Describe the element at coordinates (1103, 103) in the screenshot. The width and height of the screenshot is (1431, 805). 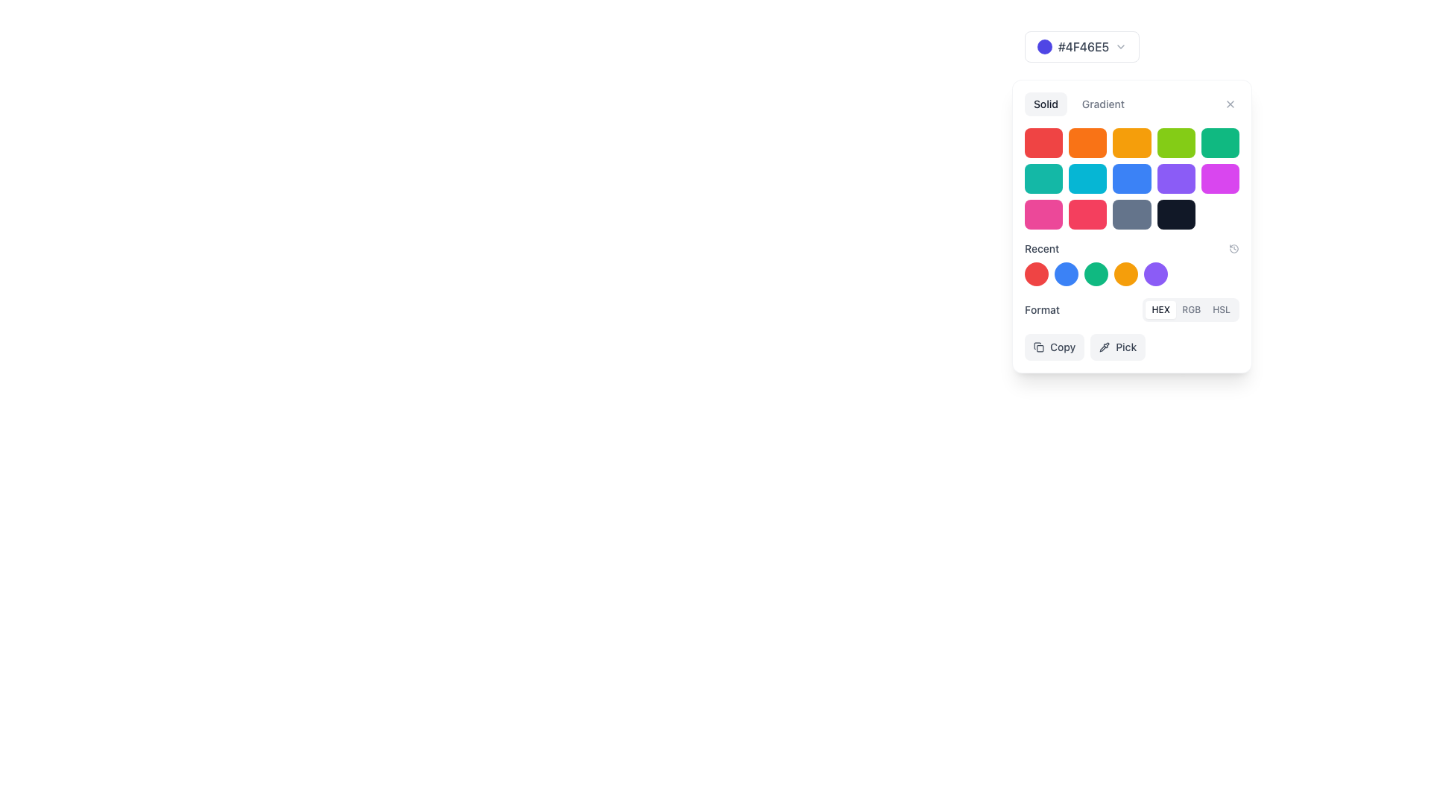
I see `the 'Gradient' button, which is a rounded rectangular button with light gray text located to the right of the 'Solid' button in the top-right quadrant of the window` at that location.